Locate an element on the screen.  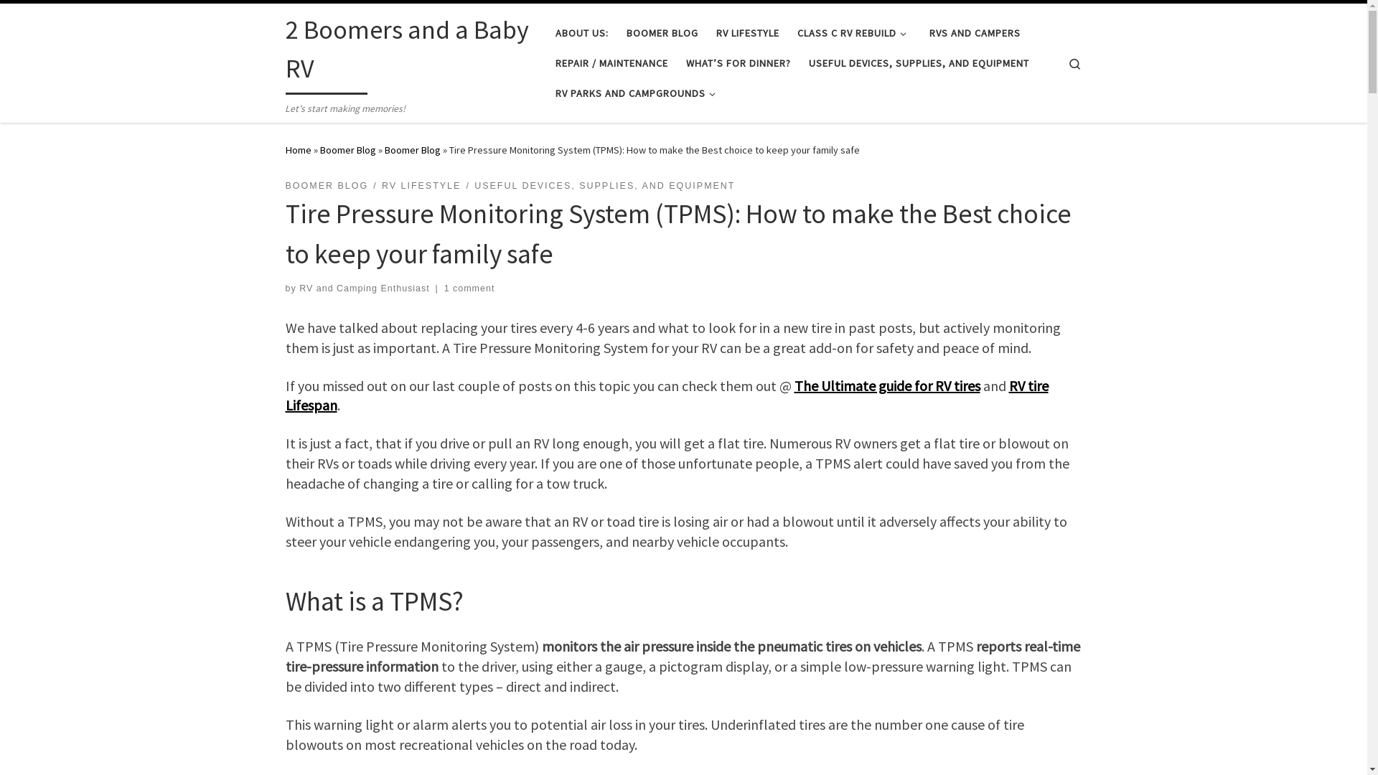
'Boomer Blog' is located at coordinates (412, 149).